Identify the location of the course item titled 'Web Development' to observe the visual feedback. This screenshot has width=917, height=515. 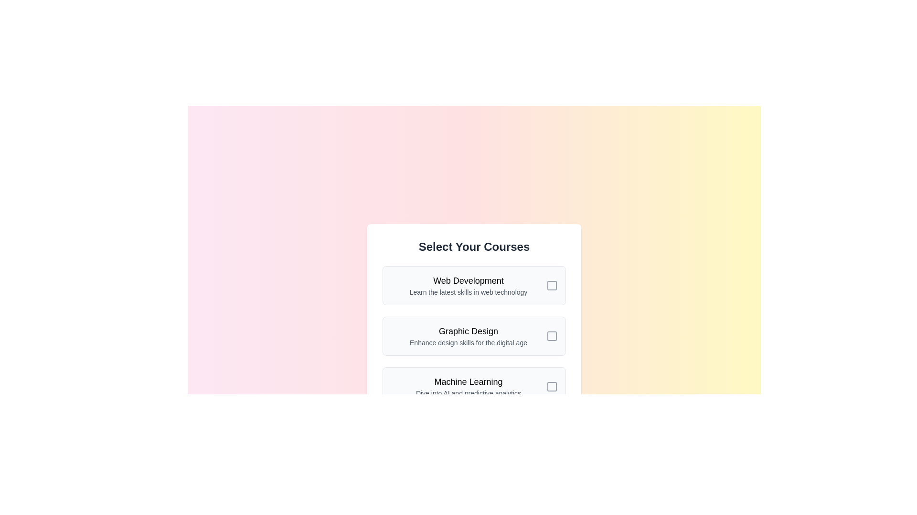
(474, 285).